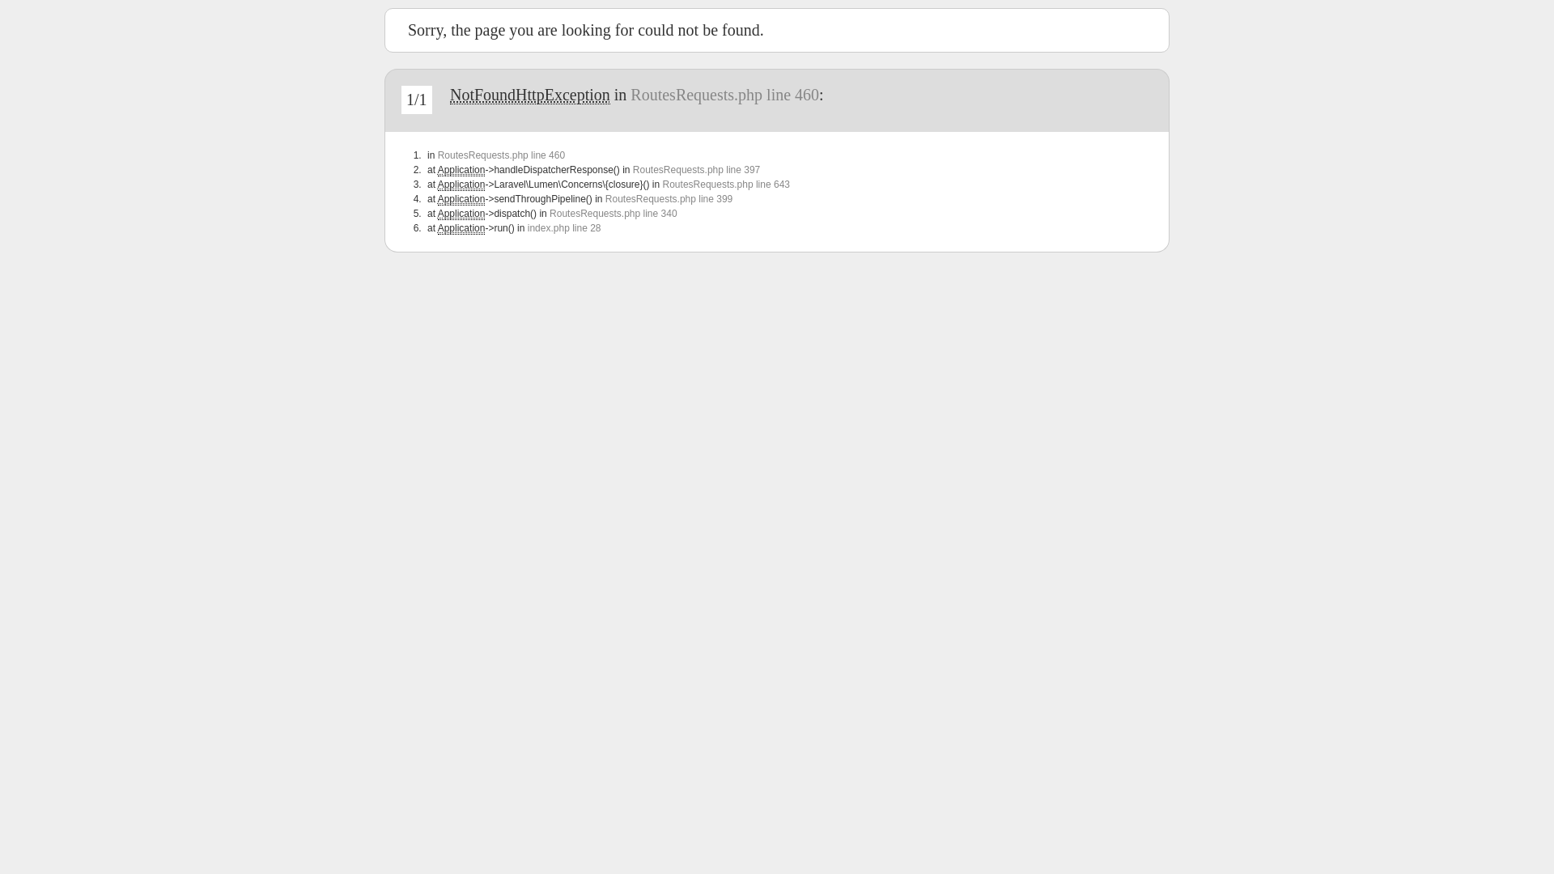 This screenshot has height=874, width=1554. What do you see at coordinates (500, 155) in the screenshot?
I see `'RoutesRequests.php line 460'` at bounding box center [500, 155].